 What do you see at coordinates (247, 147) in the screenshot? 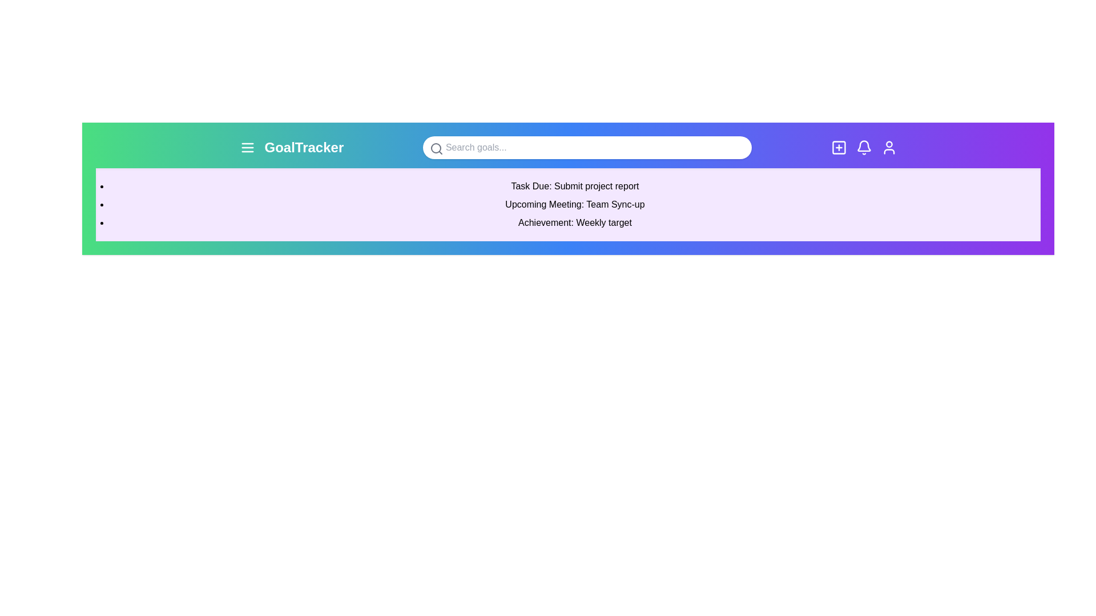
I see `the menu button to toggle the navigation drawer` at bounding box center [247, 147].